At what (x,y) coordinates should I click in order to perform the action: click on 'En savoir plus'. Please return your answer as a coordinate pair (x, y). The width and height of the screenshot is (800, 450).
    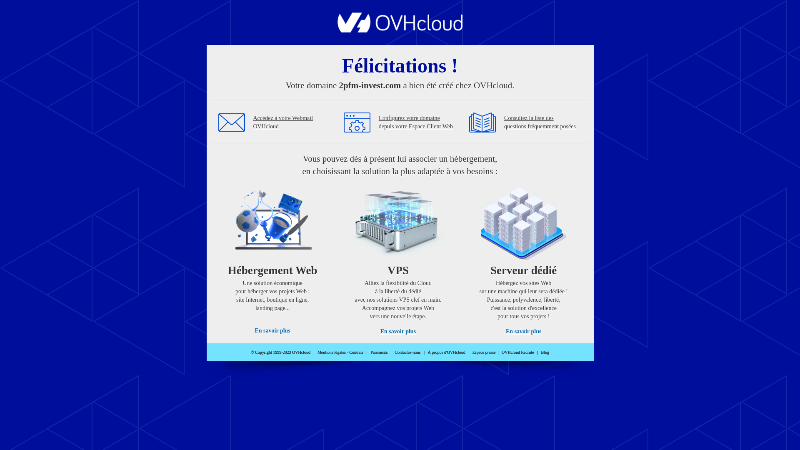
    Looking at the image, I should click on (397, 331).